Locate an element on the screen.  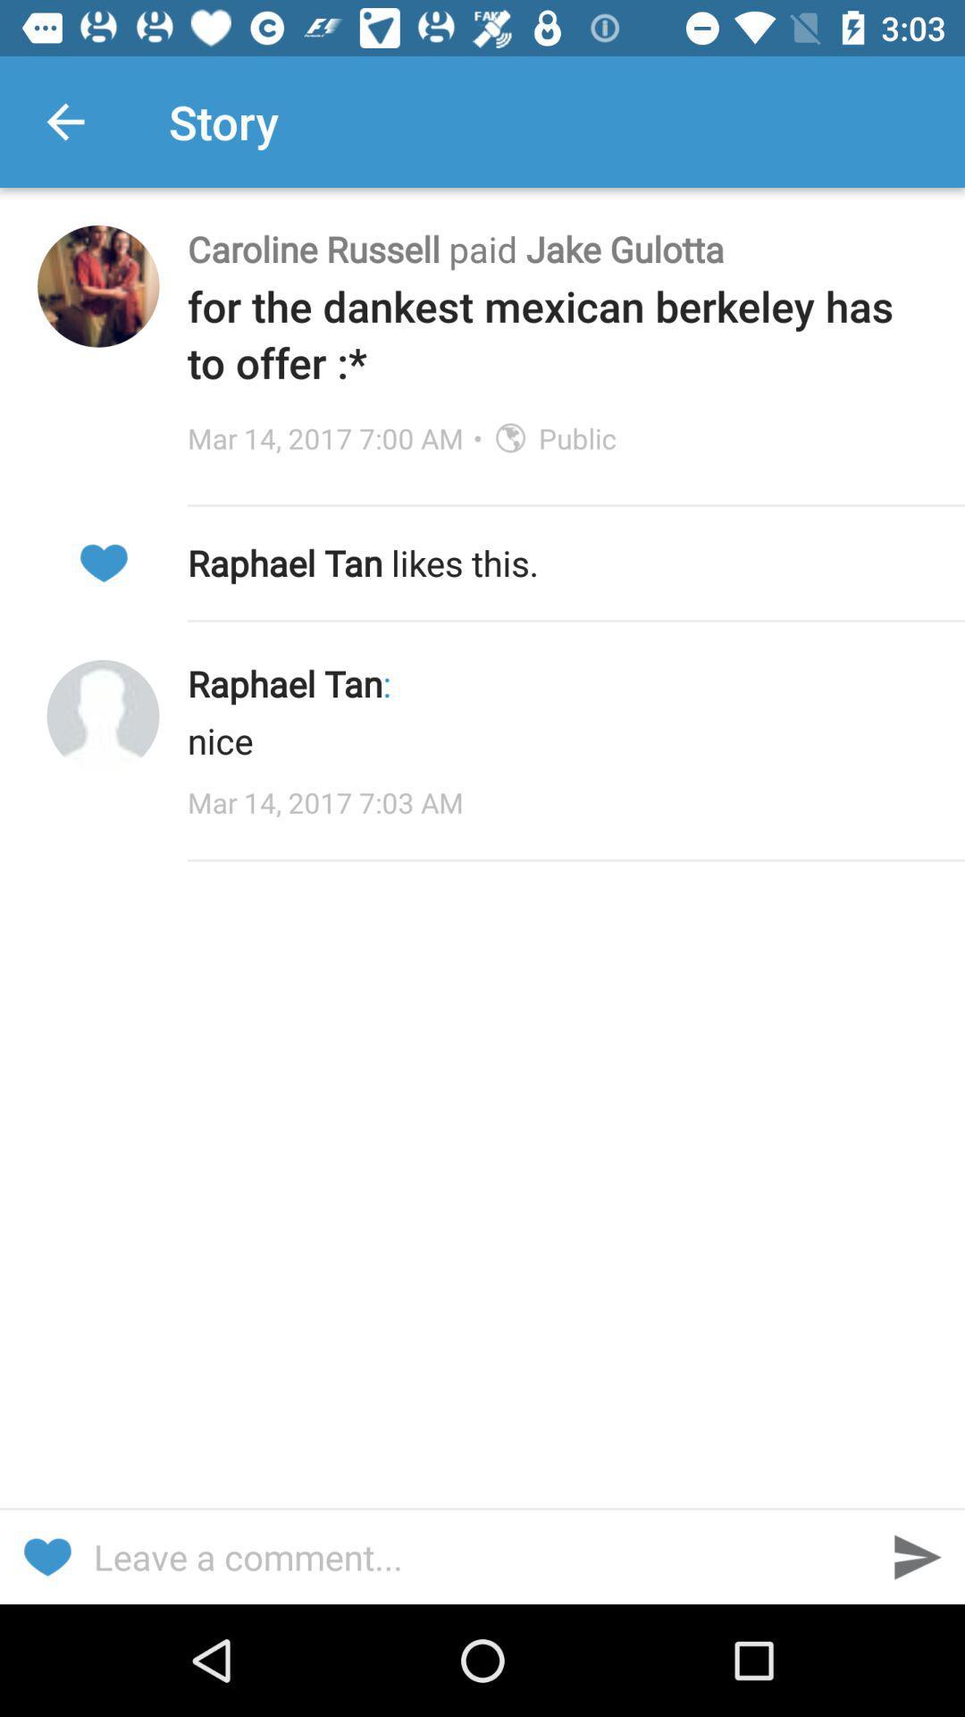
the favorite icon is located at coordinates (103, 562).